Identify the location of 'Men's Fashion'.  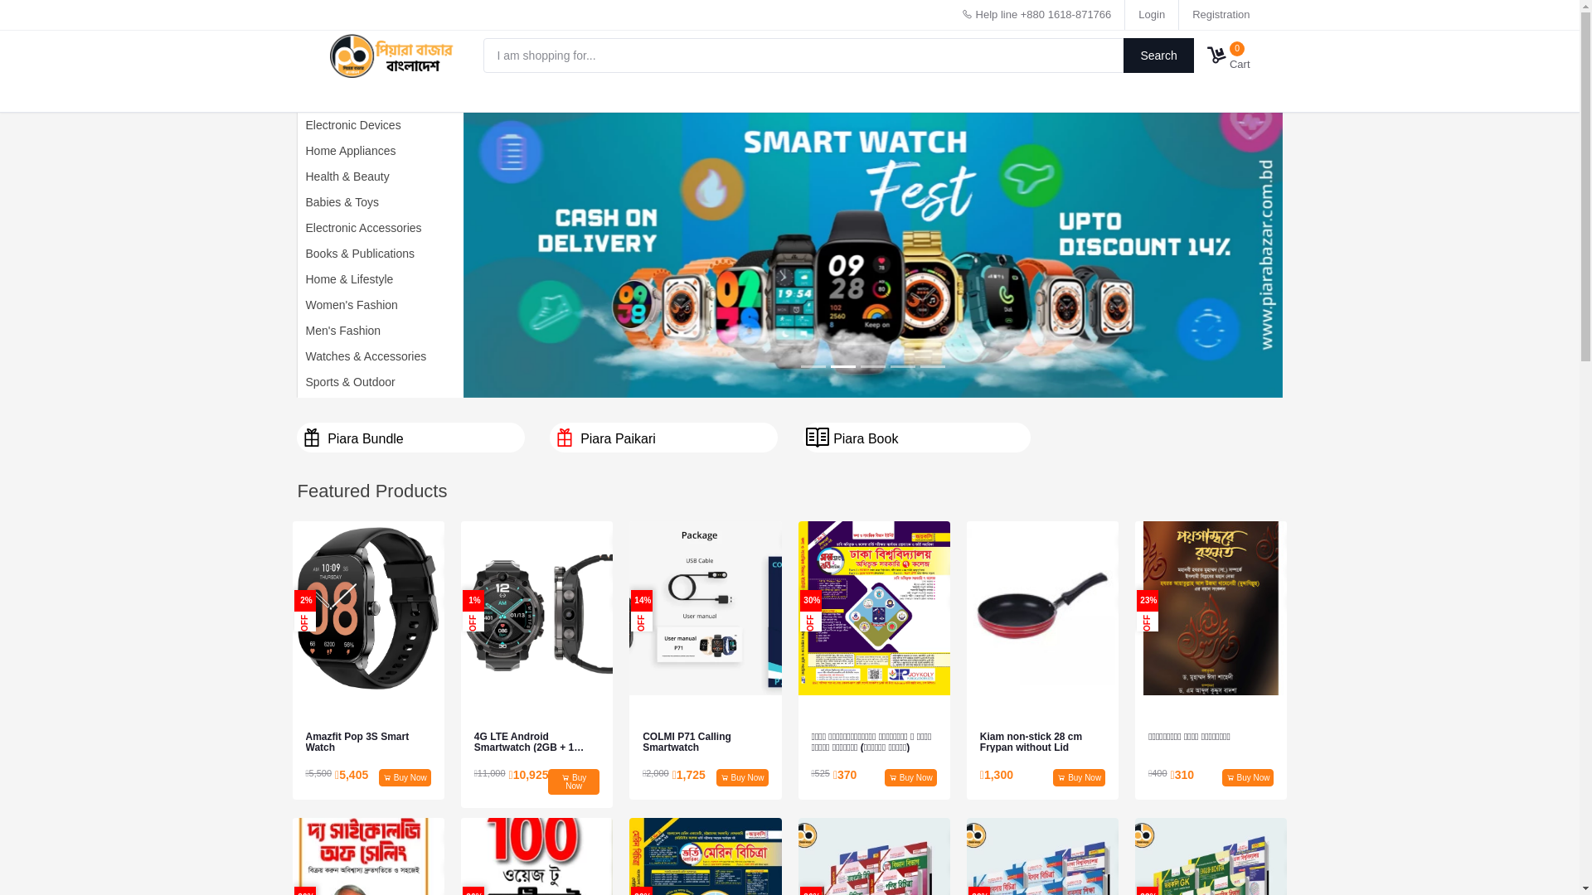
(297, 330).